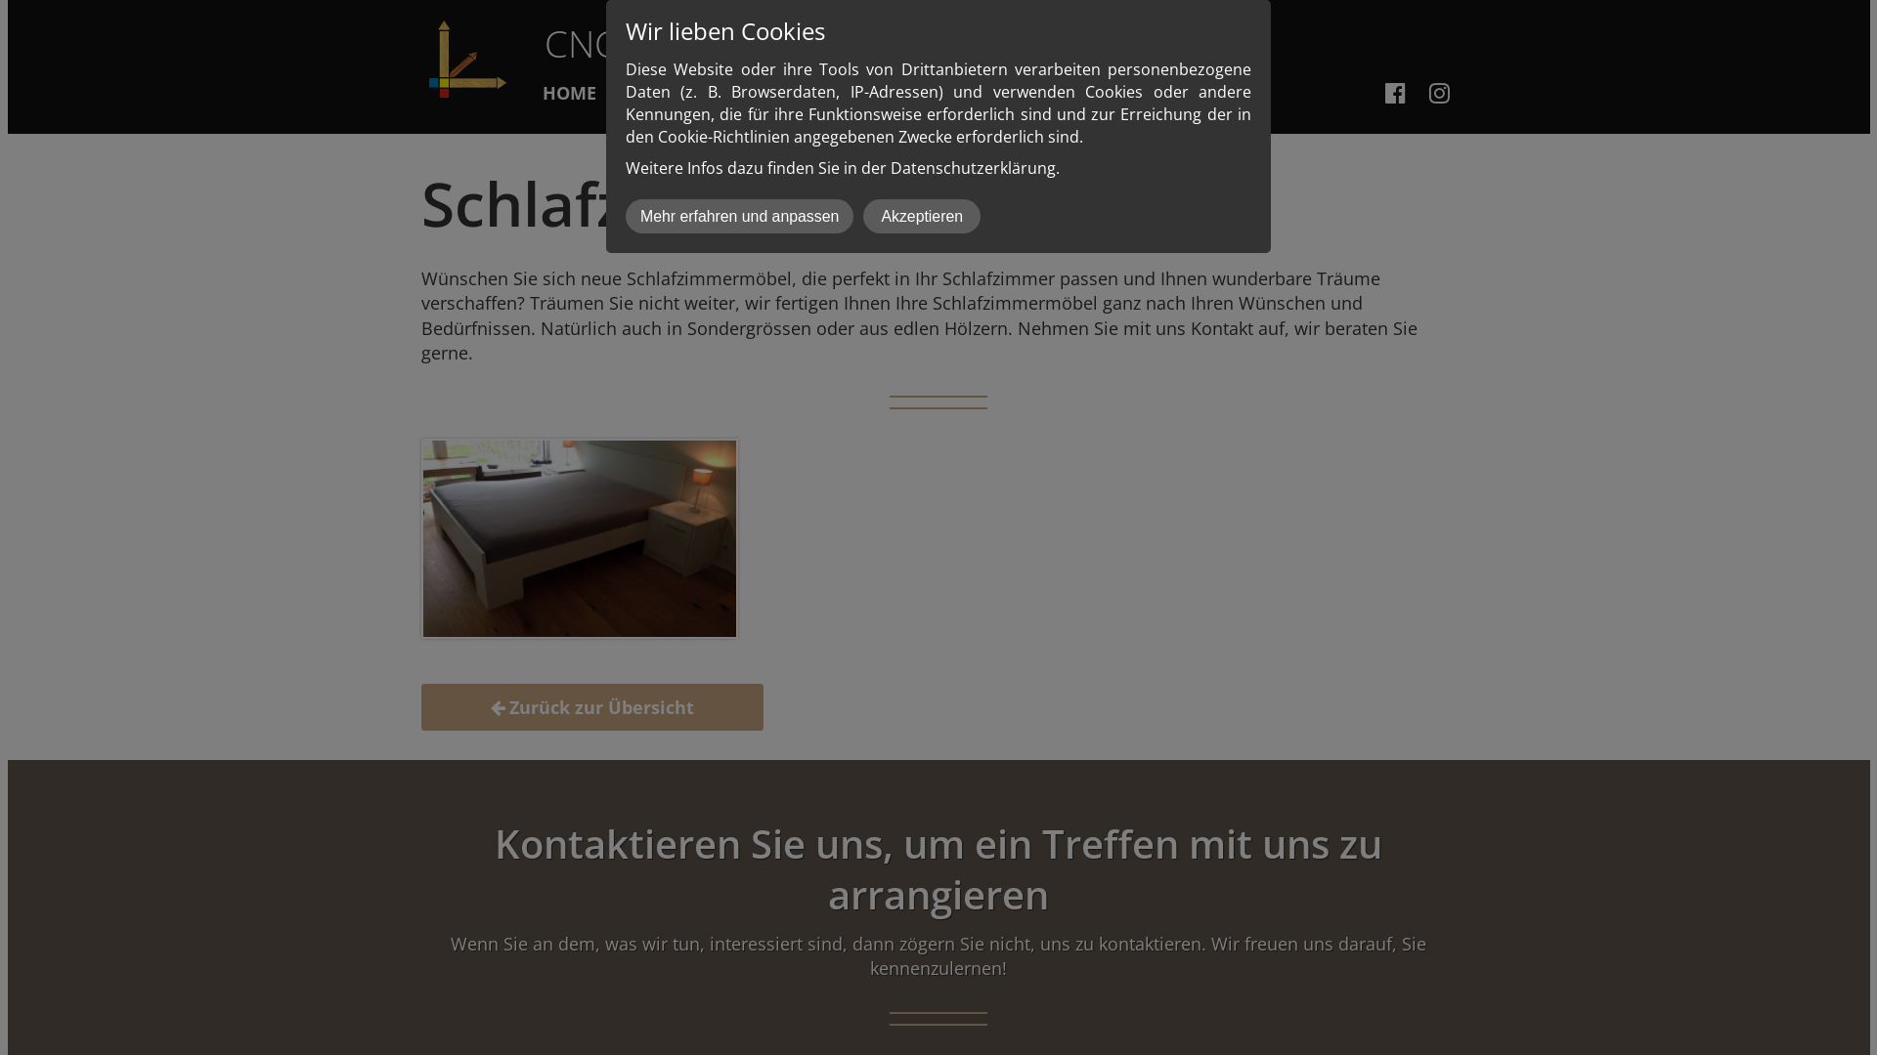  I want to click on 'DIENSTLEISTUNGEN', so click(721, 94).